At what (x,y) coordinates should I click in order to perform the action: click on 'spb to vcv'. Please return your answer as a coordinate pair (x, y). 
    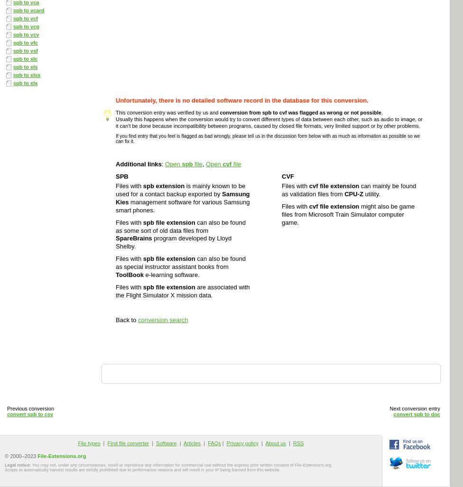
    Looking at the image, I should click on (26, 34).